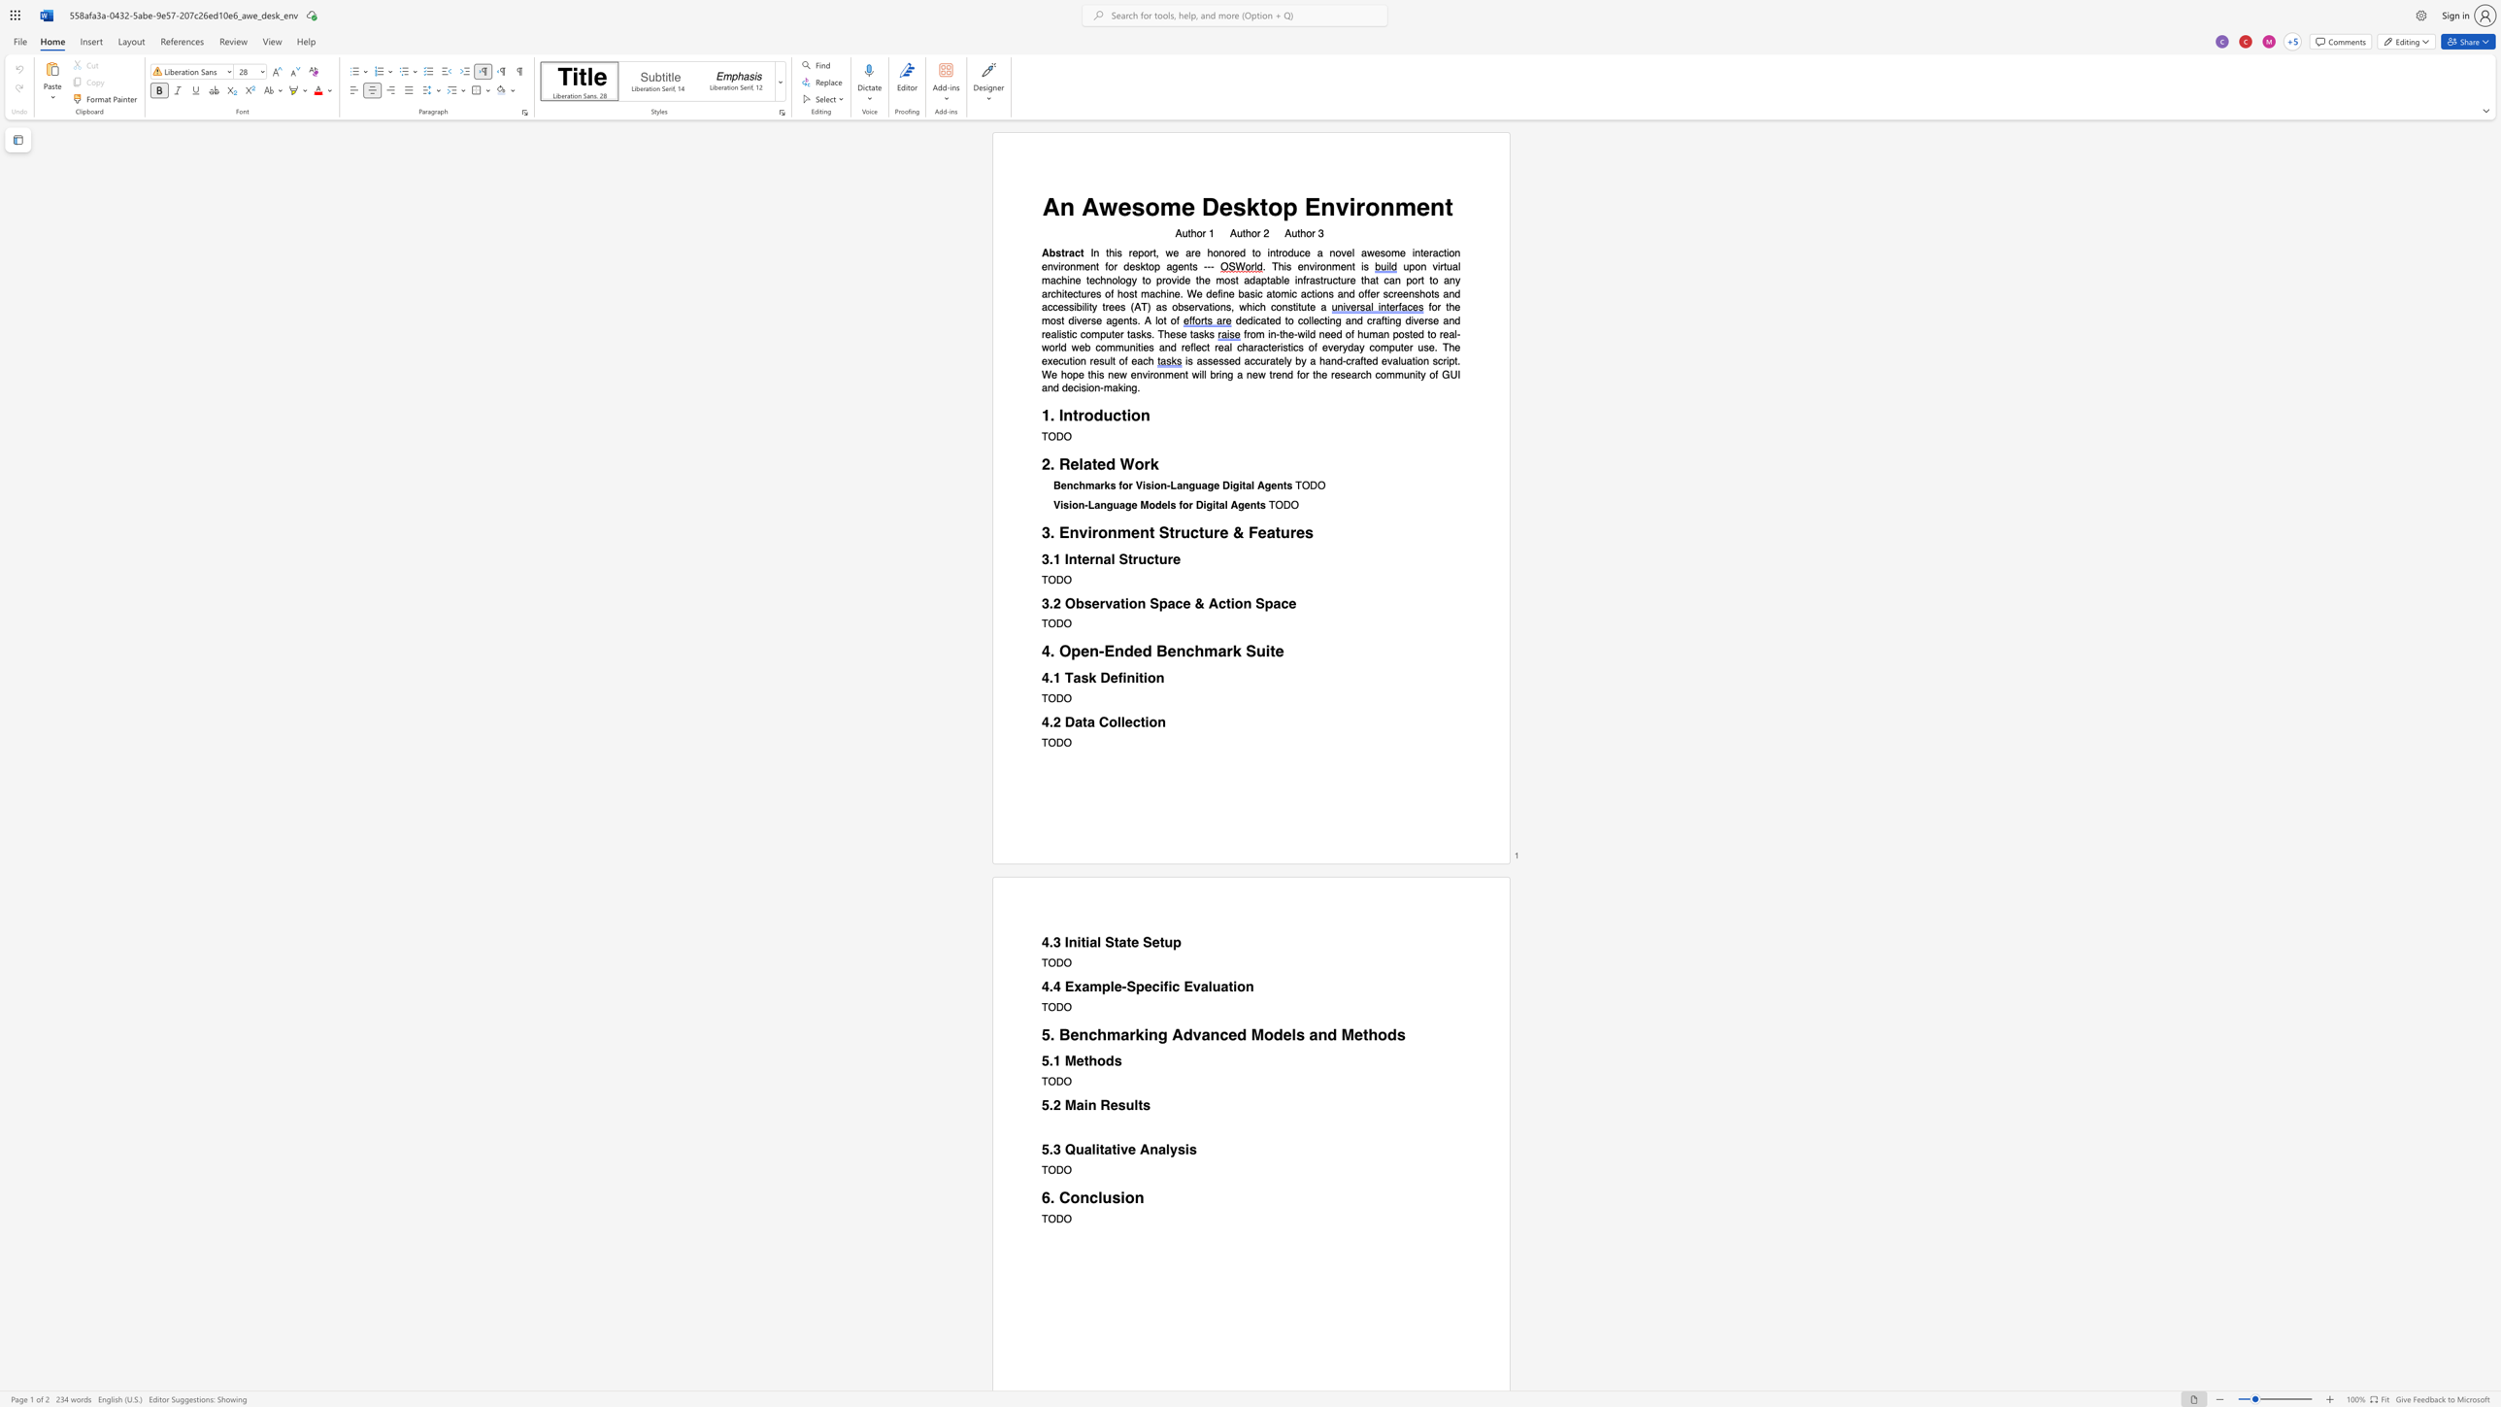 Image resolution: width=2501 pixels, height=1407 pixels. I want to click on the subset text "rnal Struc" within the text "3.1 Internal Structure", so click(1089, 558).